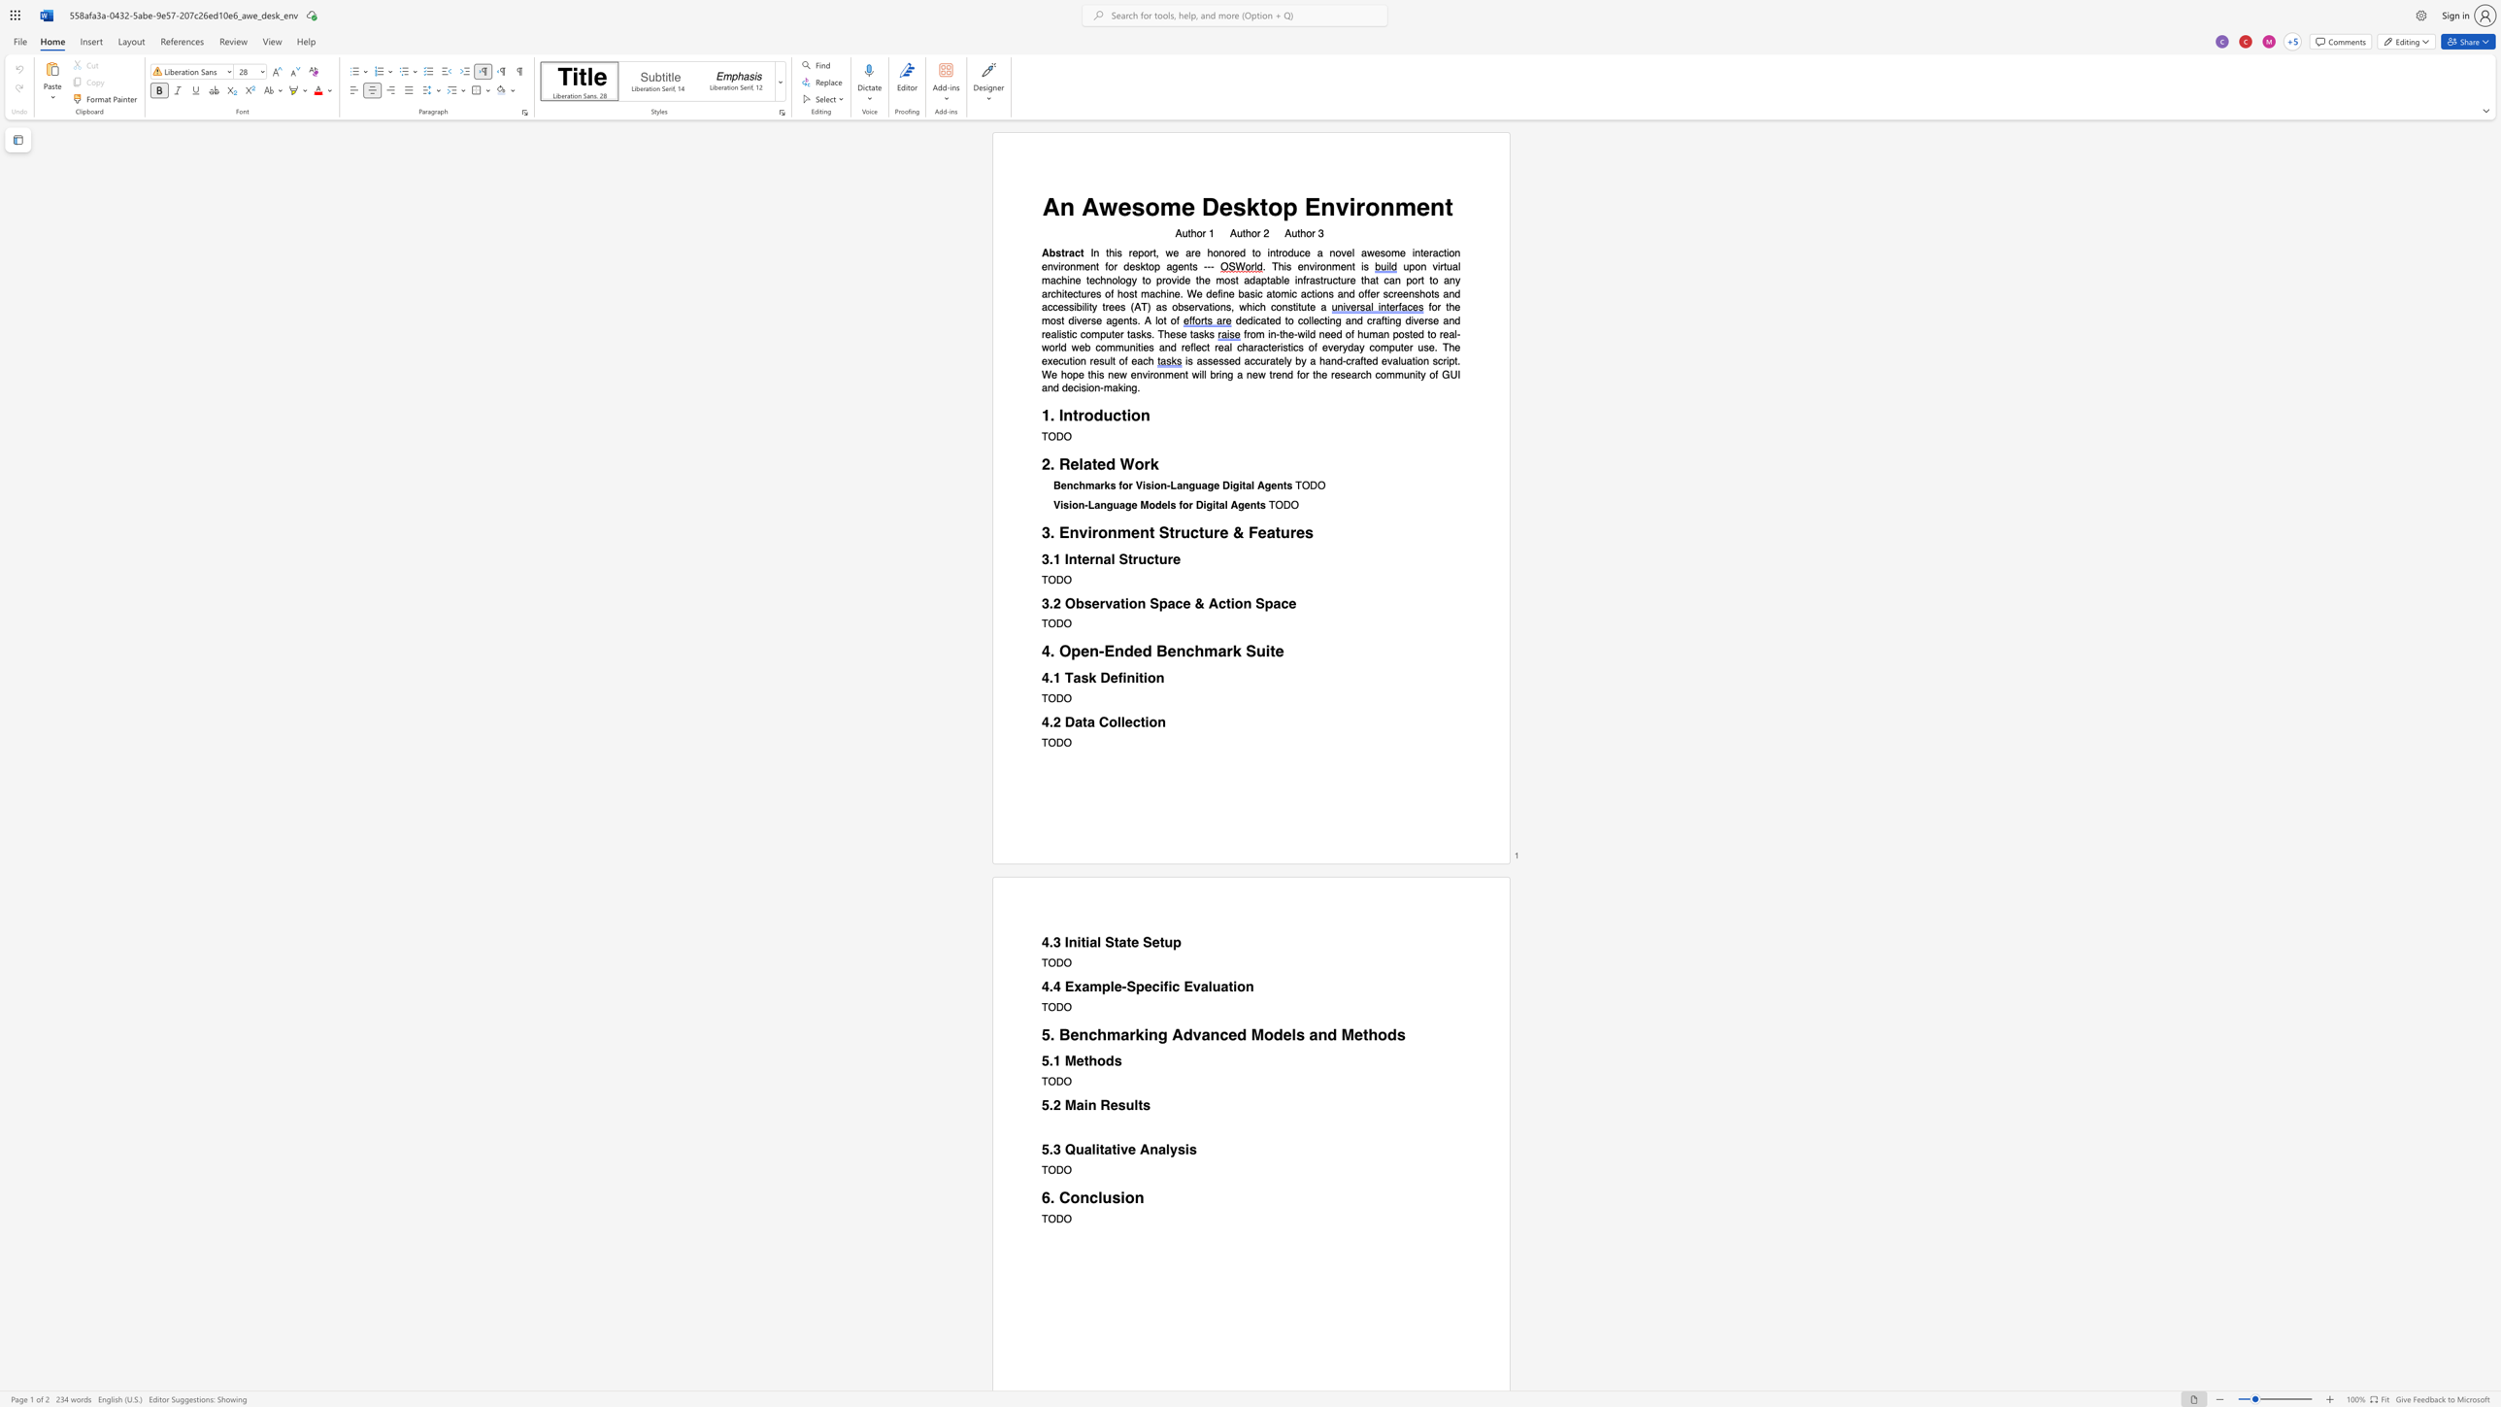 Image resolution: width=2501 pixels, height=1407 pixels. I want to click on the subset text "rnal Struc" within the text "3.1 Internal Structure", so click(1089, 558).